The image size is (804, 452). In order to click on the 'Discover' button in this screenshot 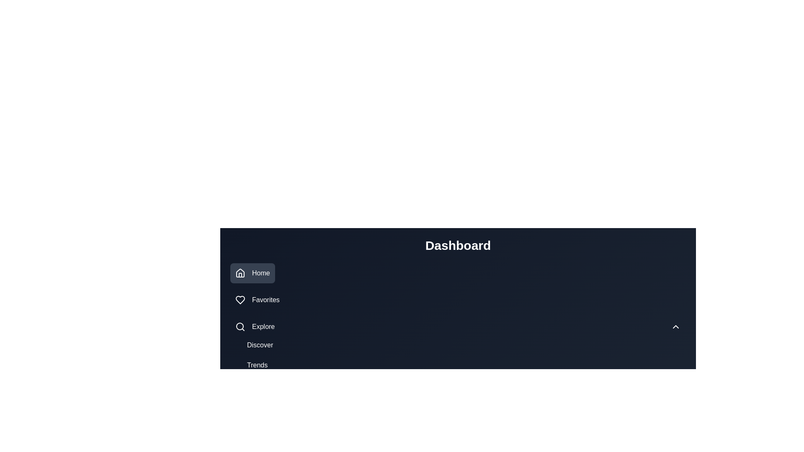, I will do `click(260, 345)`.